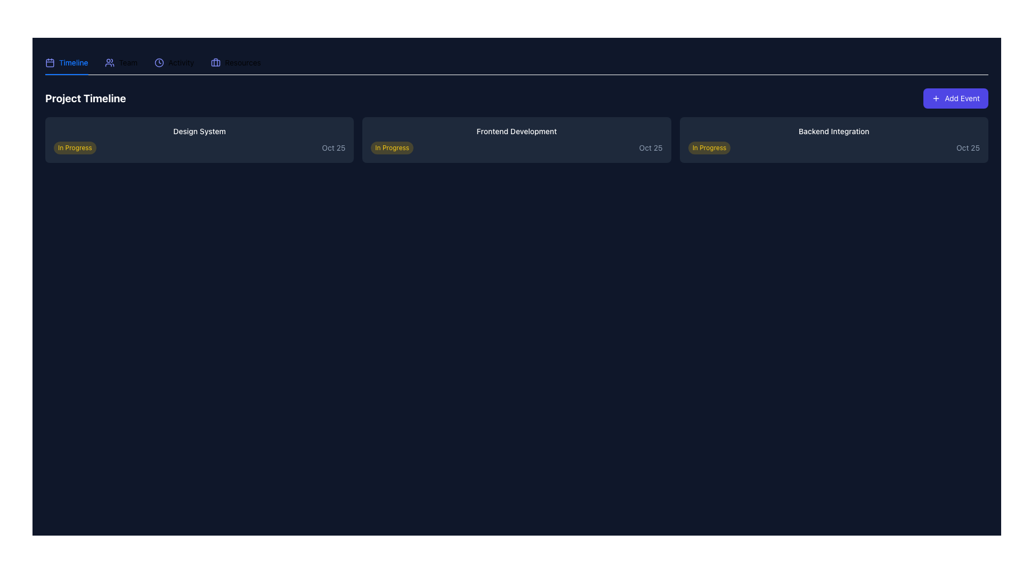 This screenshot has height=575, width=1023. I want to click on the 'Team' navigation tab icon located in the top navigation bar, which is positioned directly to the left of the 'Team' label and to the right of the 'Timeline' tab, so click(110, 63).